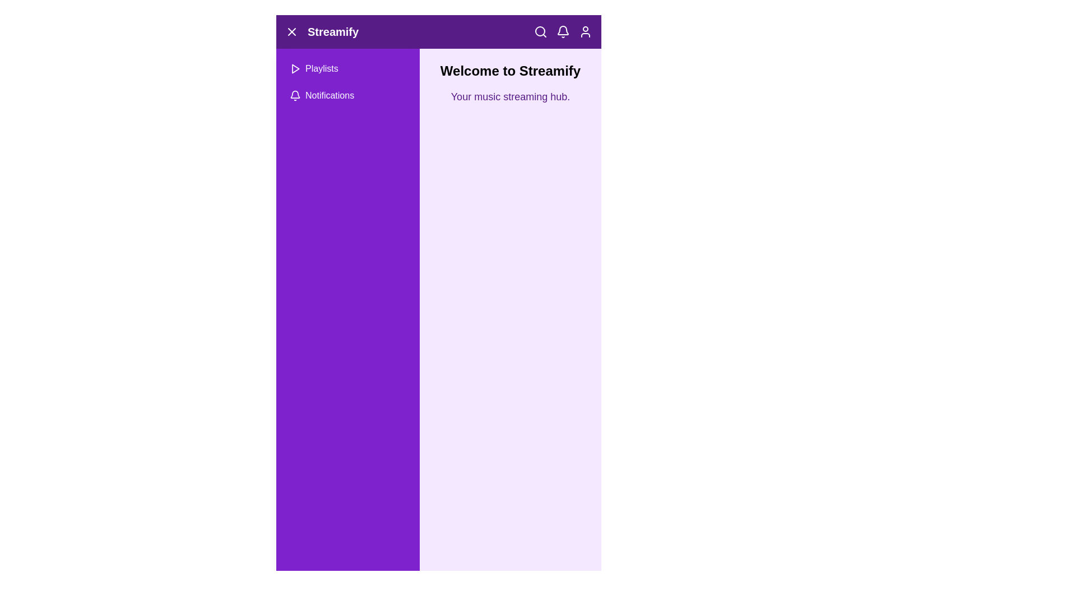 This screenshot has width=1076, height=605. Describe the element at coordinates (563, 31) in the screenshot. I see `the bell-shaped icon button located in the top-right corner of the application interface` at that location.